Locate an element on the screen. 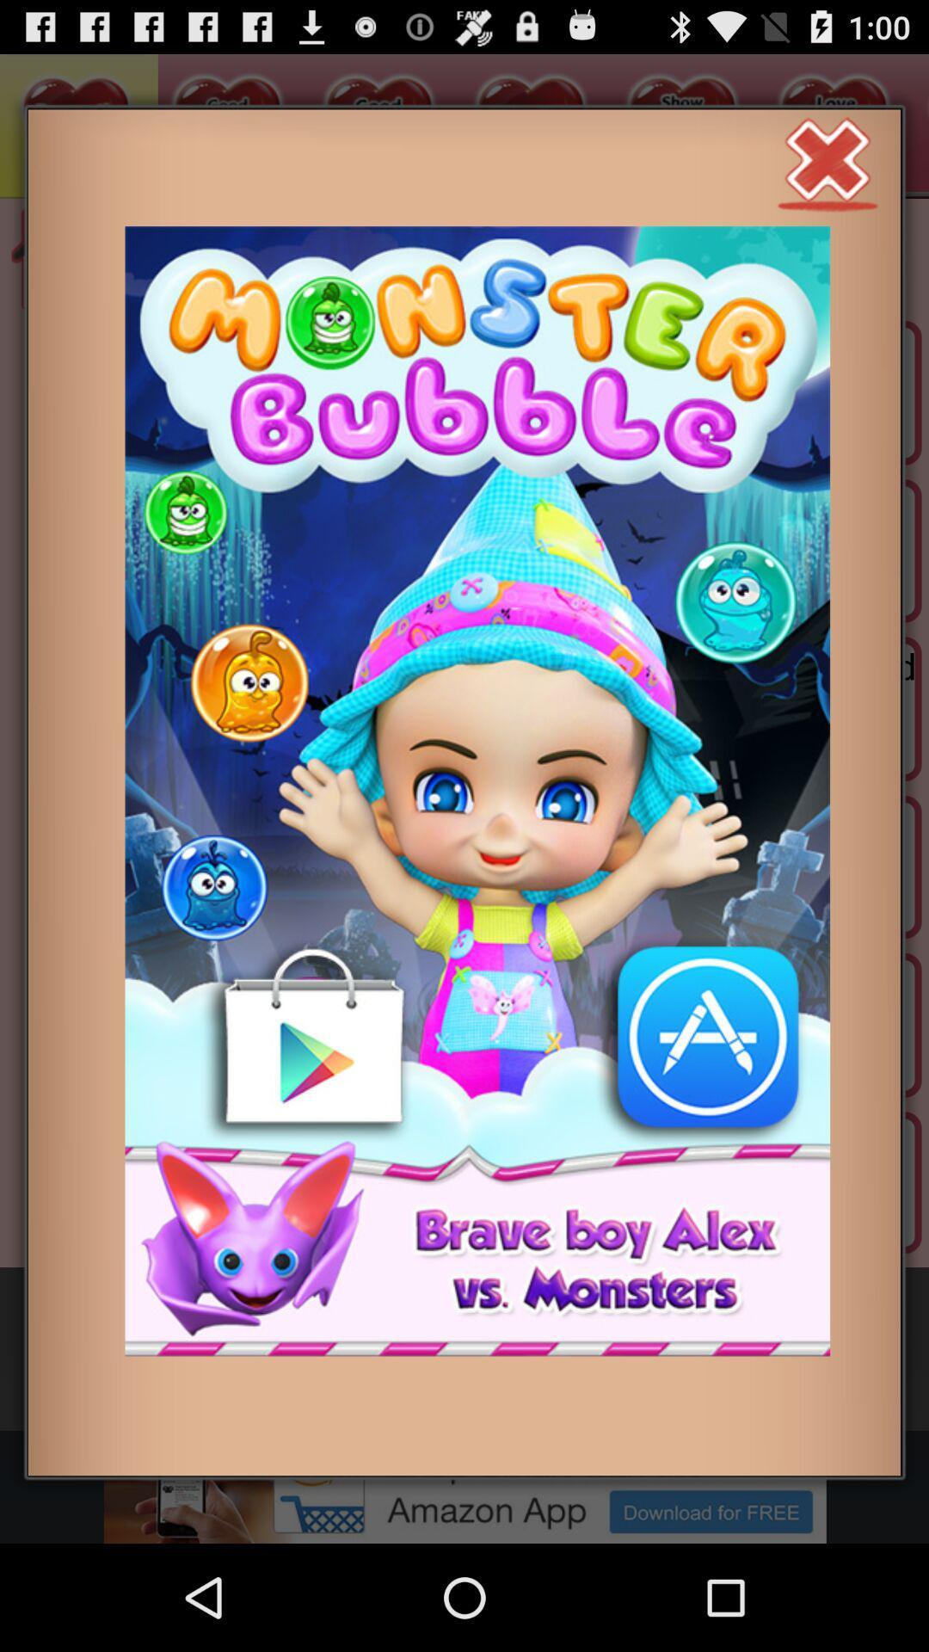 The width and height of the screenshot is (929, 1652). advertisement is located at coordinates (827, 162).